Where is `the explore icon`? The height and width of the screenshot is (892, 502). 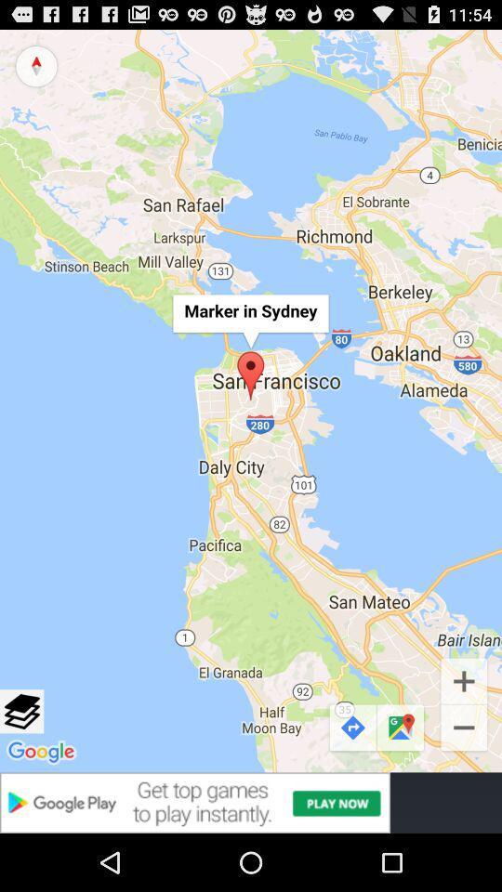 the explore icon is located at coordinates (36, 70).